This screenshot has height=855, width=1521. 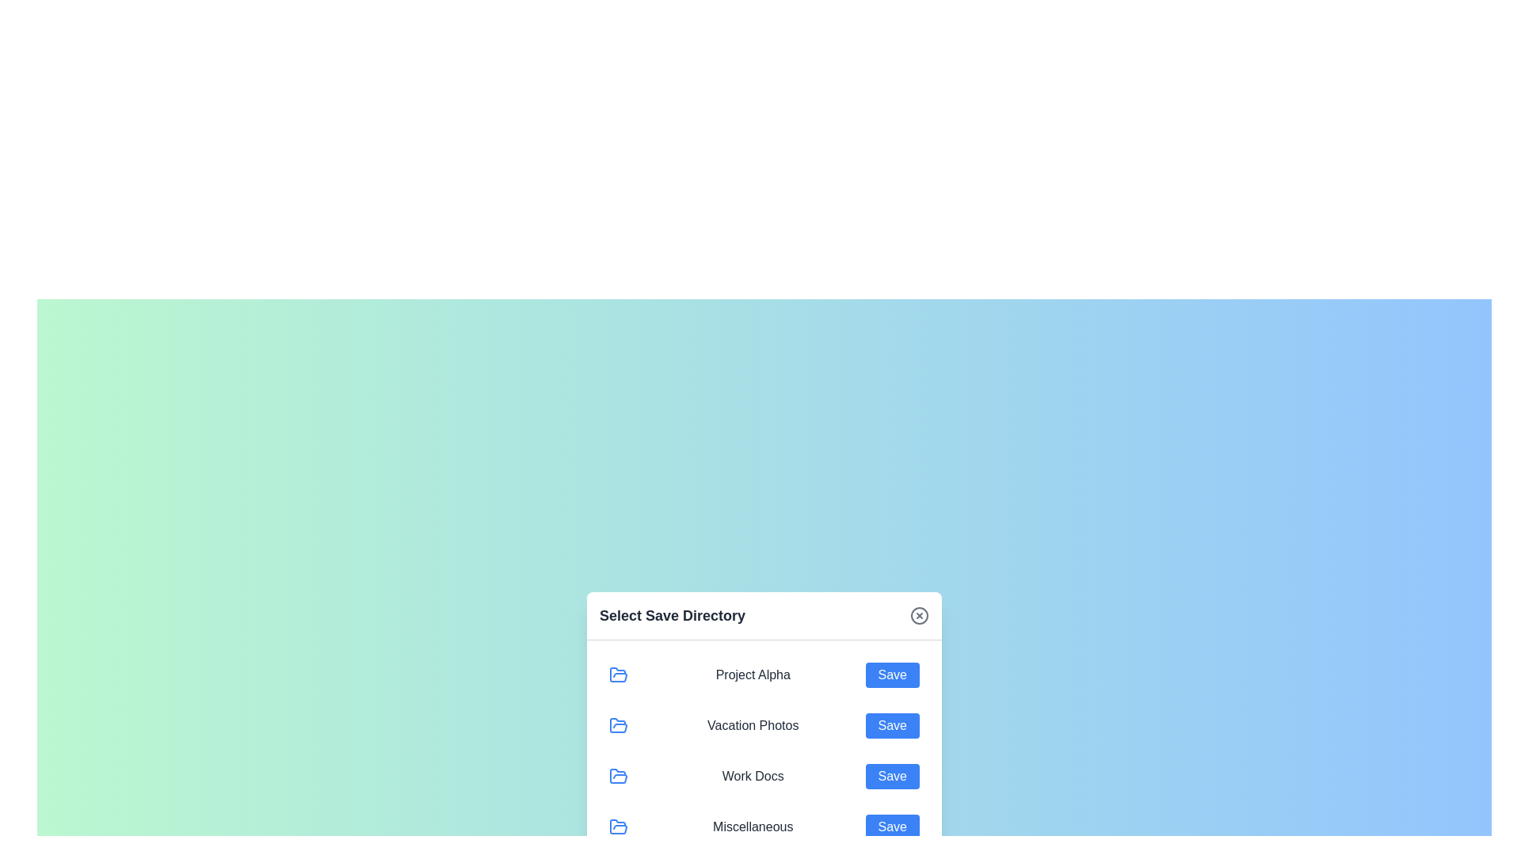 I want to click on the directory icon for Work Docs, so click(x=618, y=775).